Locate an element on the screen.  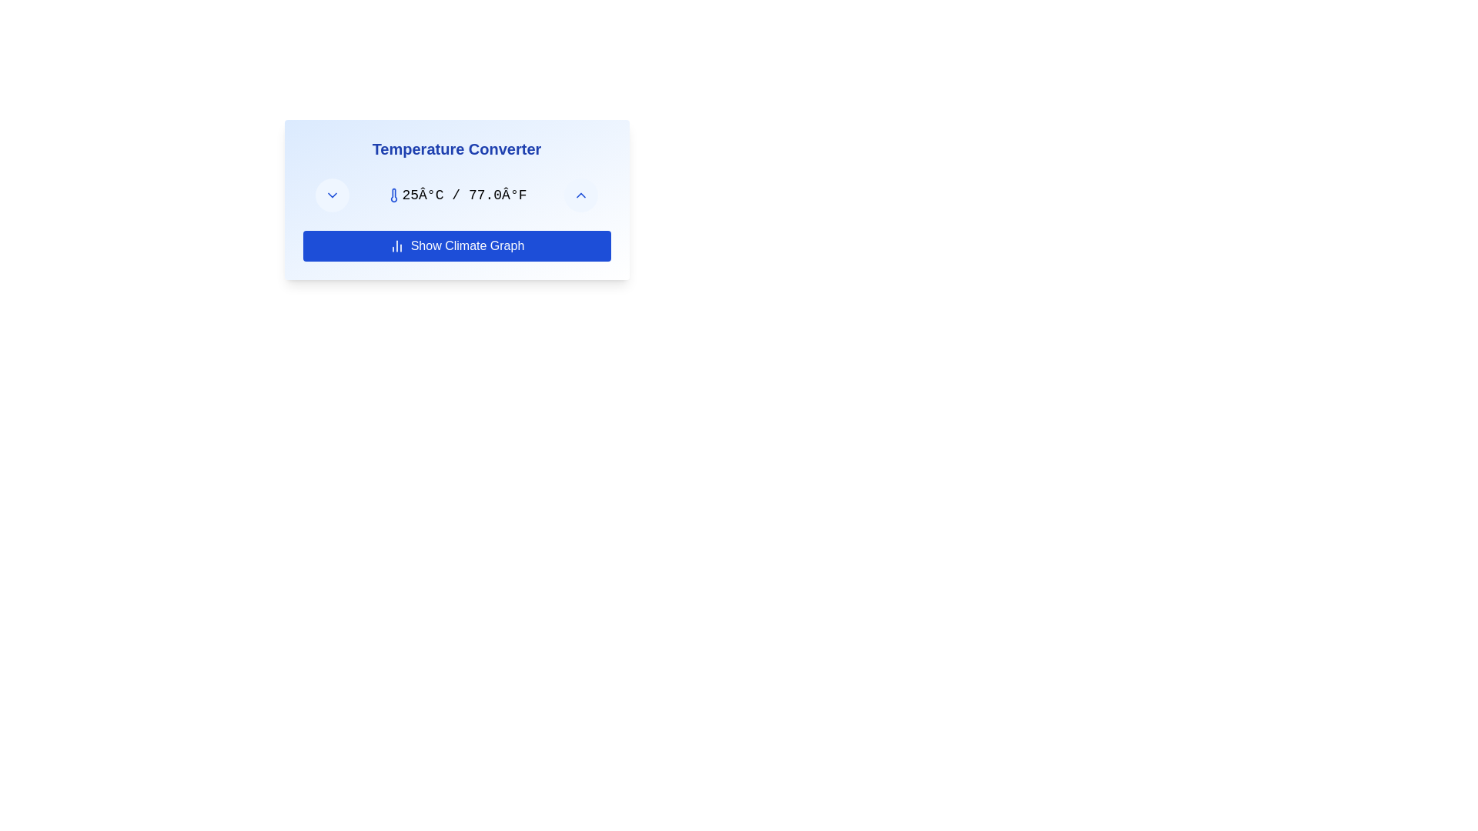
the small vertical bar chart icon located to the left of the 'Show Climate Graph' button is located at coordinates (396, 245).